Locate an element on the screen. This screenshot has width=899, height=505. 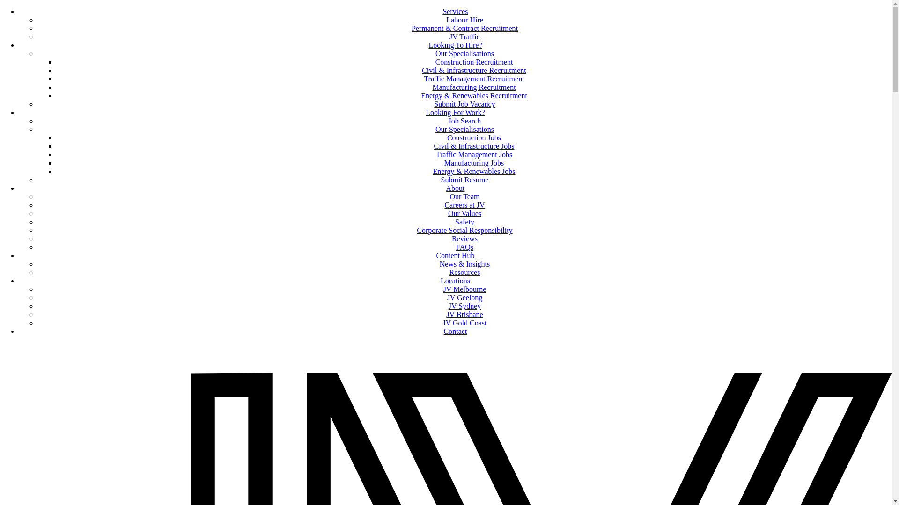
'Construction Jobs' is located at coordinates (474, 137).